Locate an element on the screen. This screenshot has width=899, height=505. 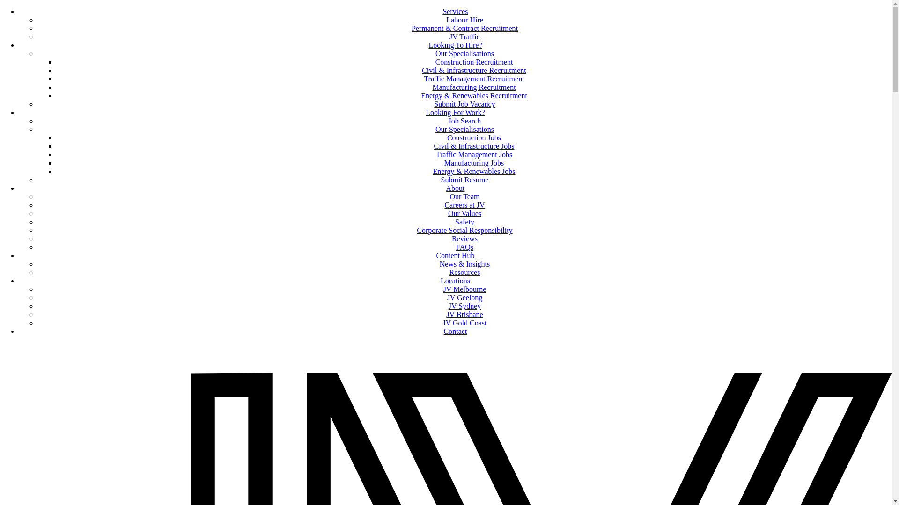
'Construction Jobs' is located at coordinates (474, 137).